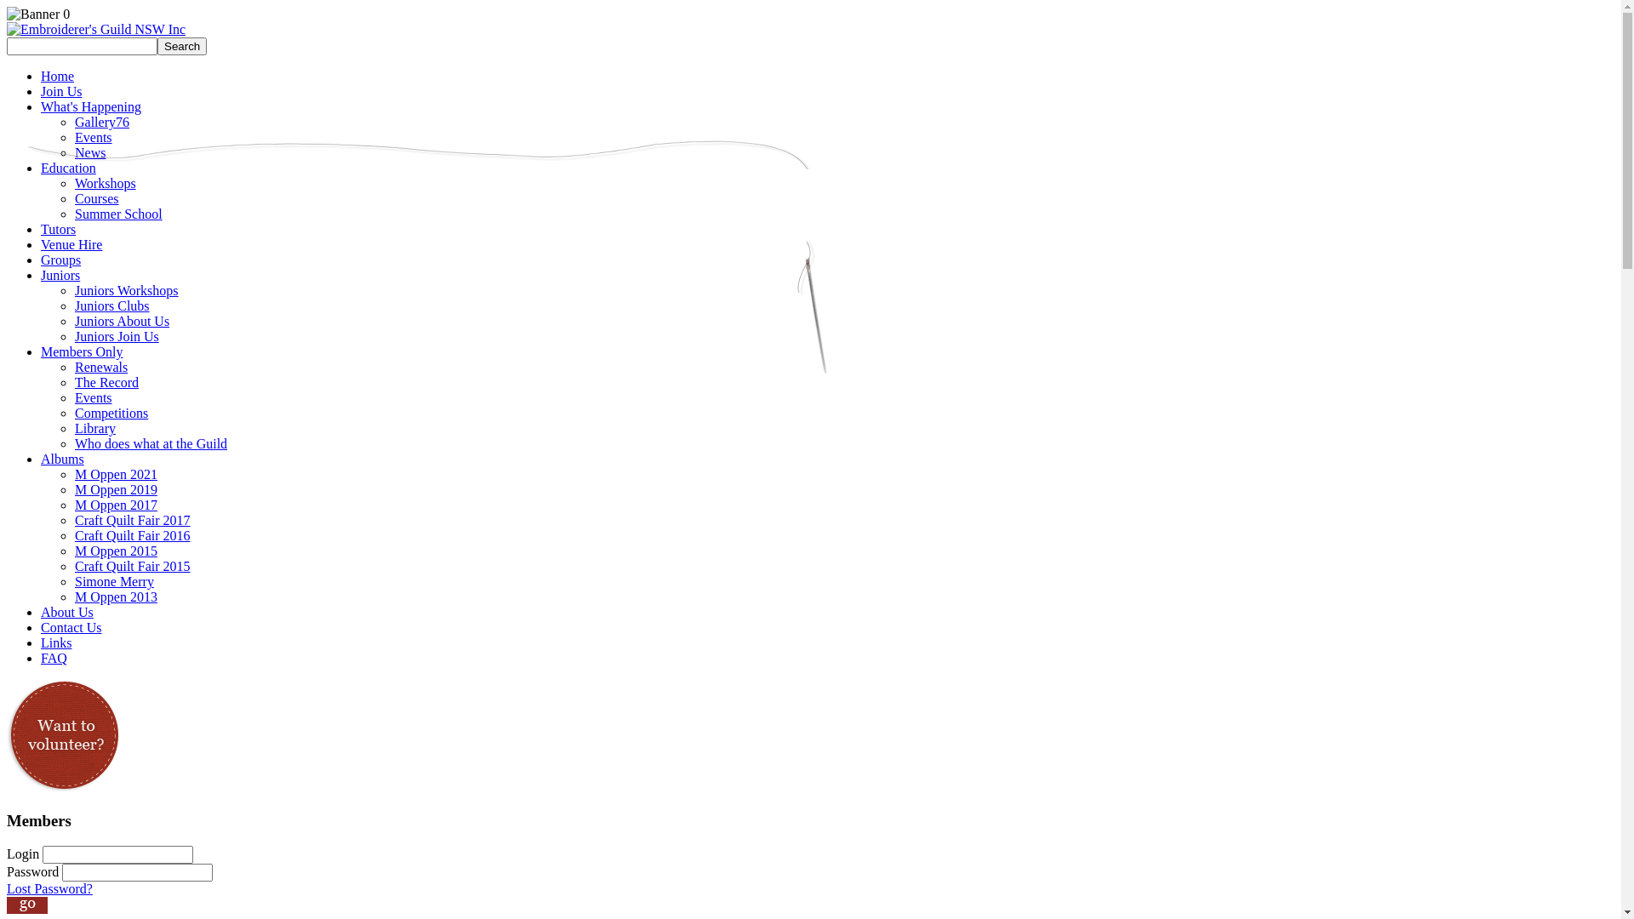  What do you see at coordinates (73, 566) in the screenshot?
I see `'Craft Quilt Fair 2015'` at bounding box center [73, 566].